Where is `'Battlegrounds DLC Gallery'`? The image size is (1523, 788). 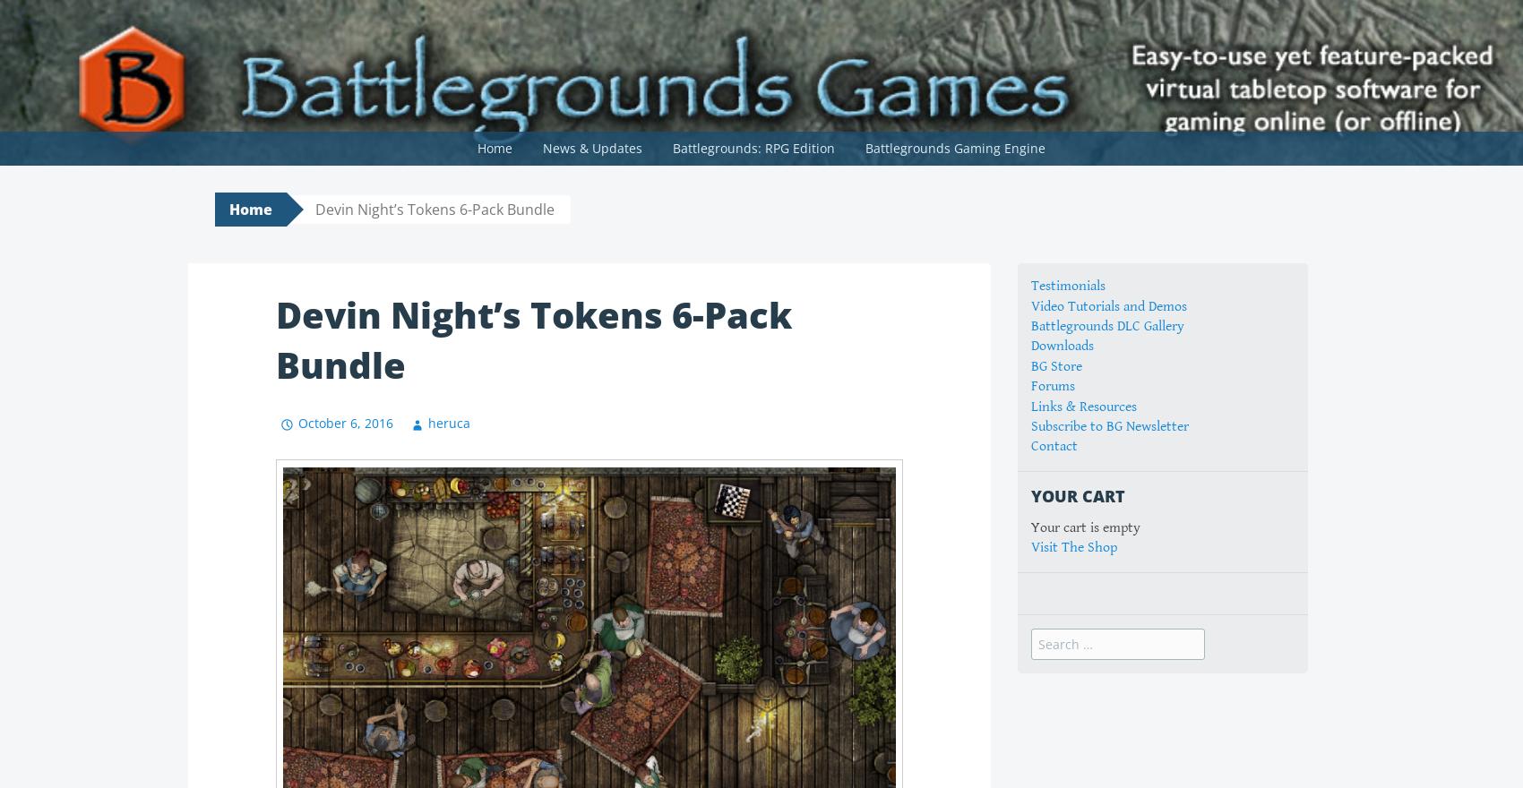
'Battlegrounds DLC Gallery' is located at coordinates (1106, 325).